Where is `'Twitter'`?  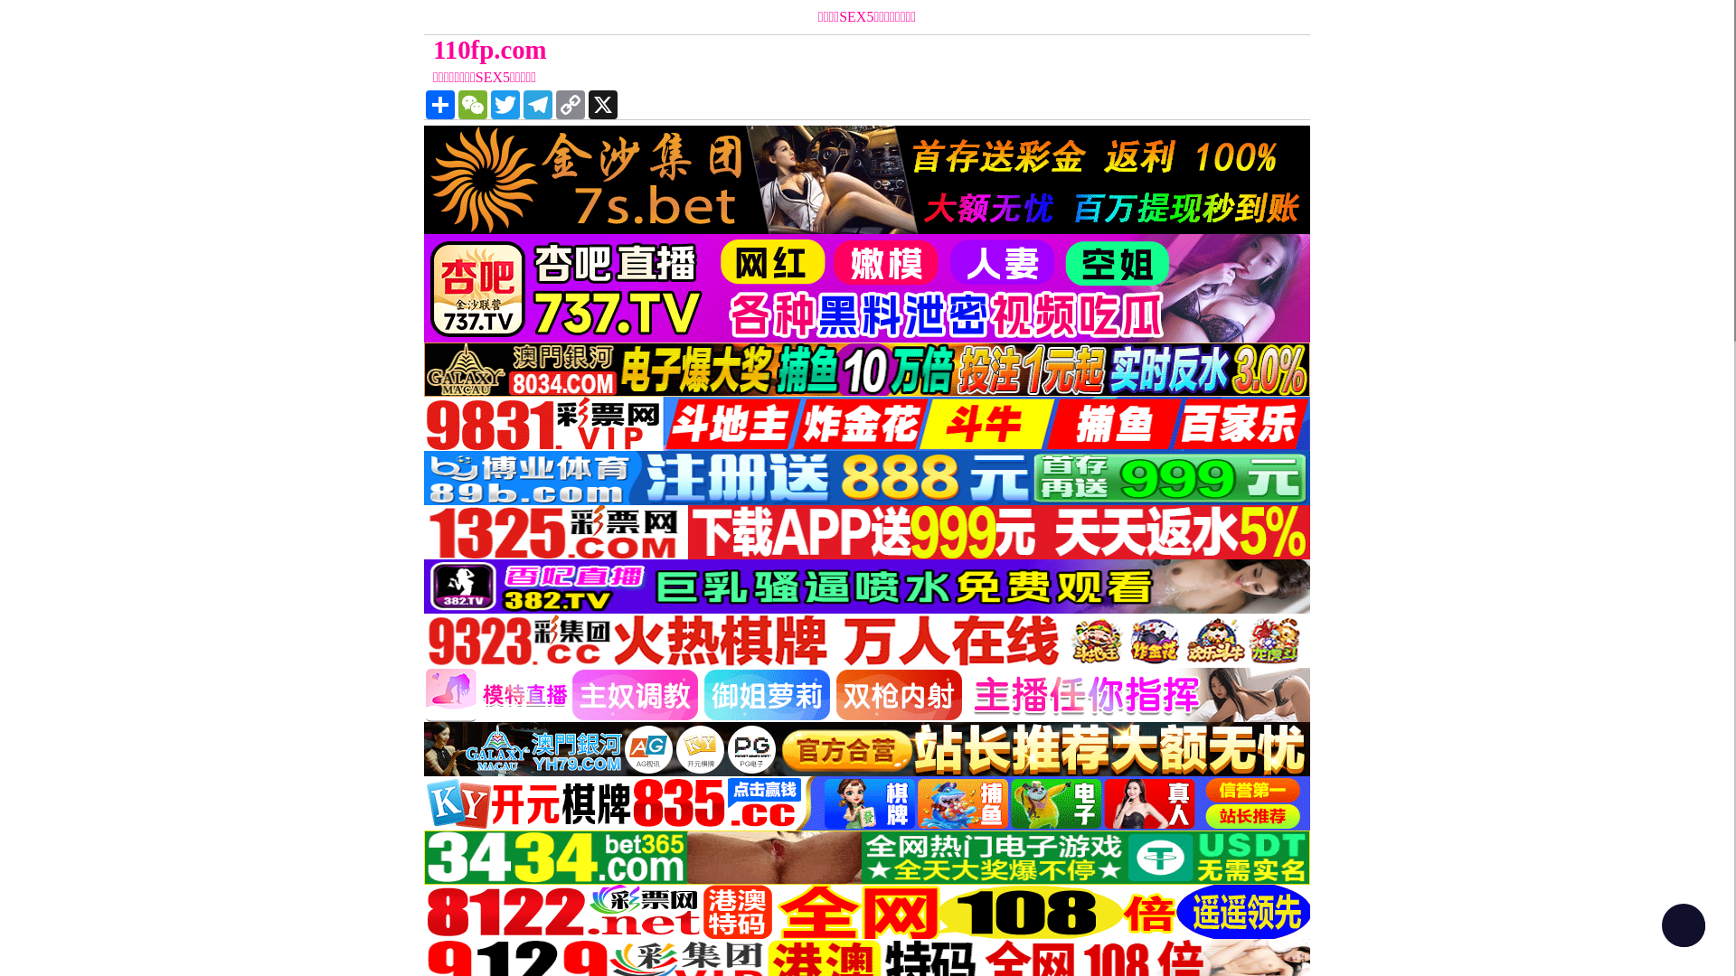 'Twitter' is located at coordinates (489, 104).